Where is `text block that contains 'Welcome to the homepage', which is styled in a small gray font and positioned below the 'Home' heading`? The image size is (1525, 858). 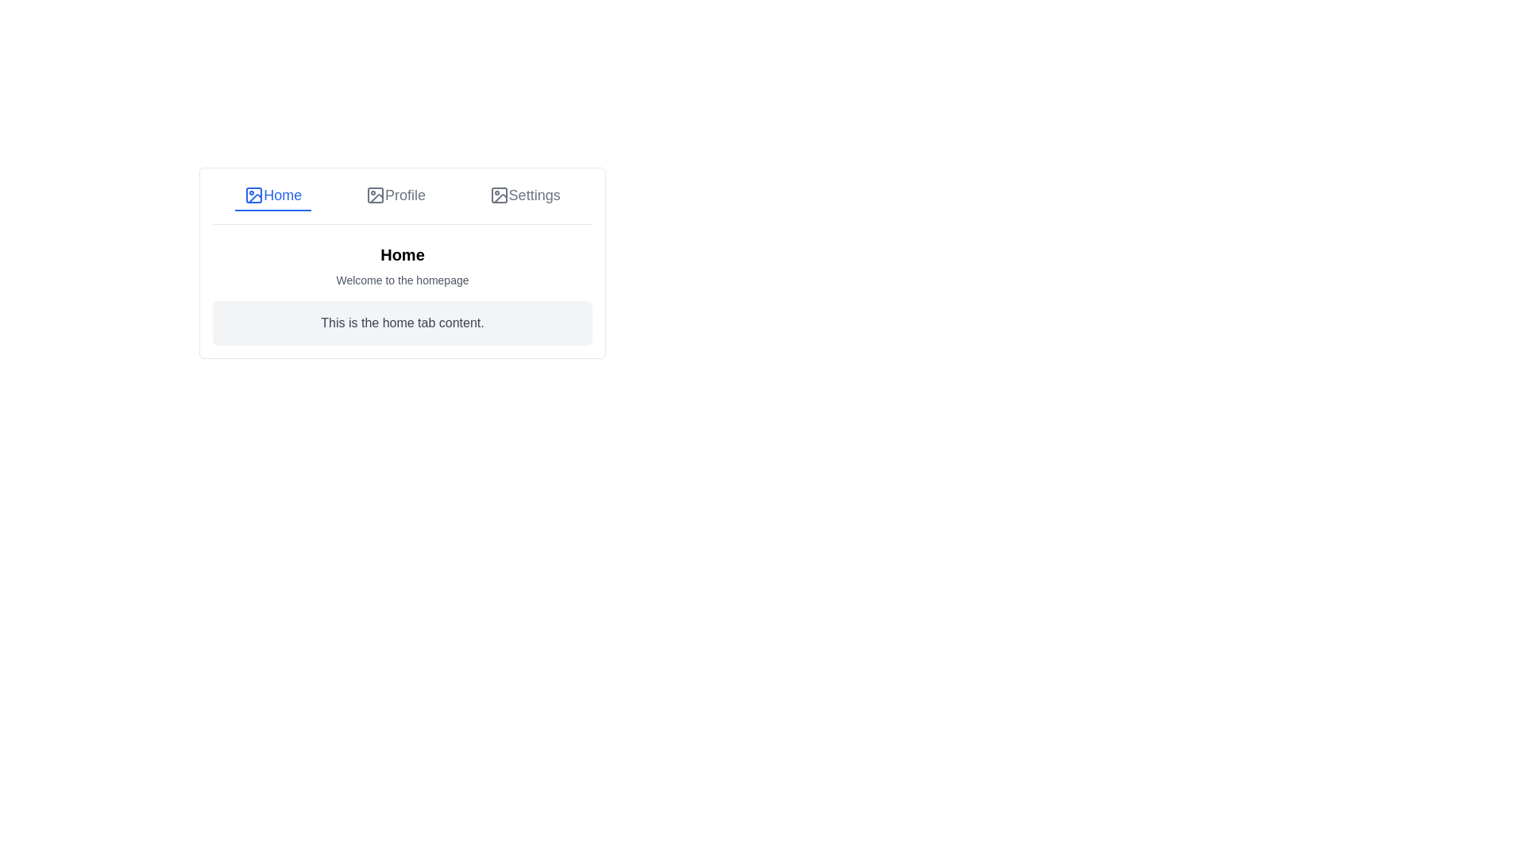 text block that contains 'Welcome to the homepage', which is styled in a small gray font and positioned below the 'Home' heading is located at coordinates (403, 280).